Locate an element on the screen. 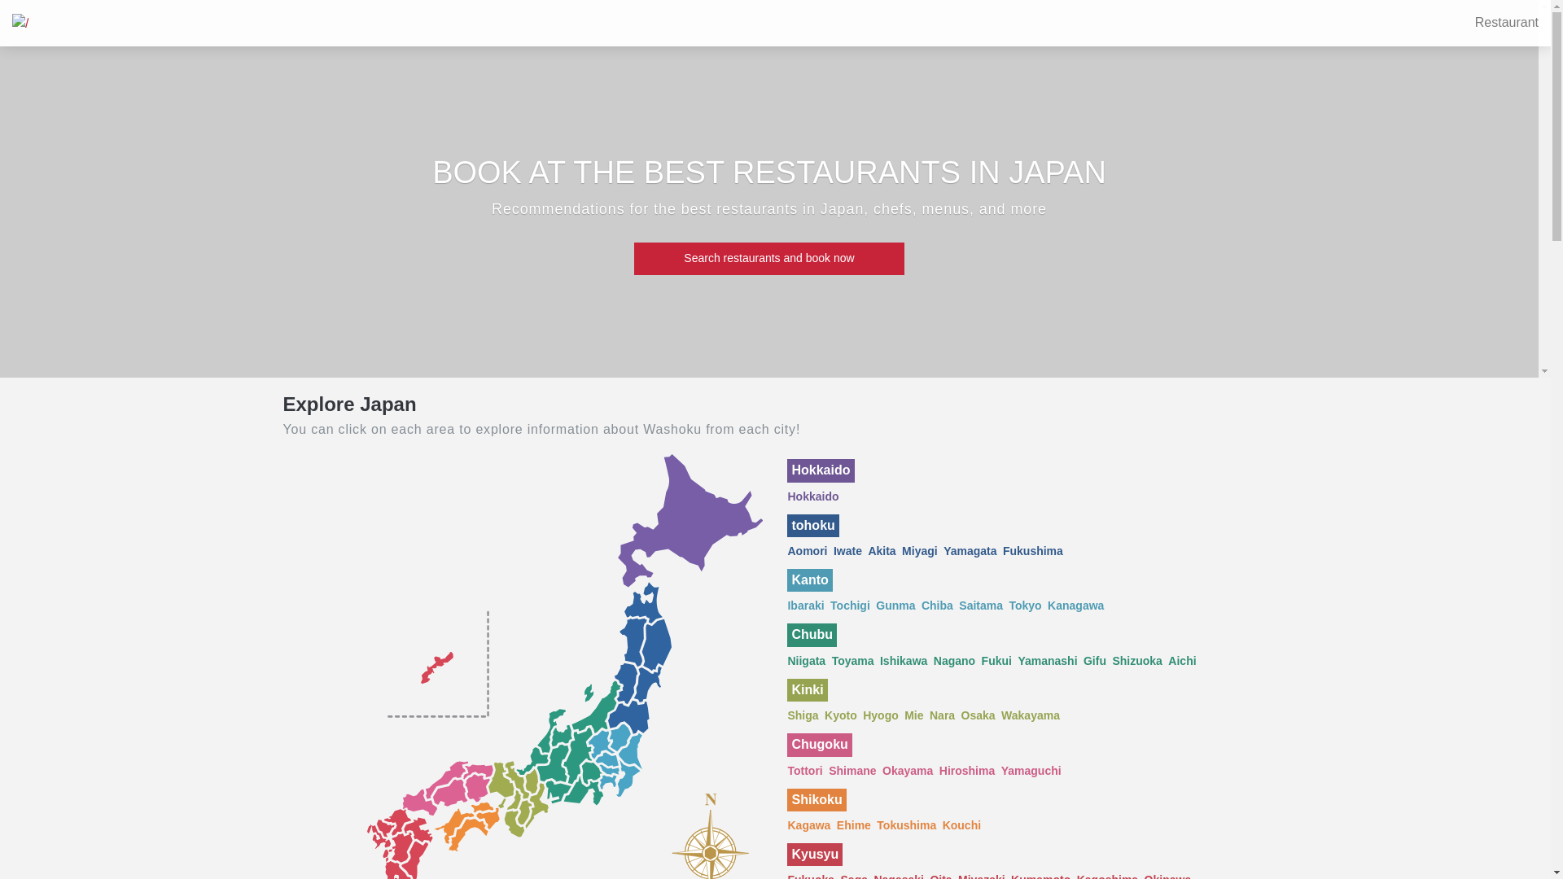 This screenshot has width=1563, height=879. 'Aichi' is located at coordinates (1182, 661).